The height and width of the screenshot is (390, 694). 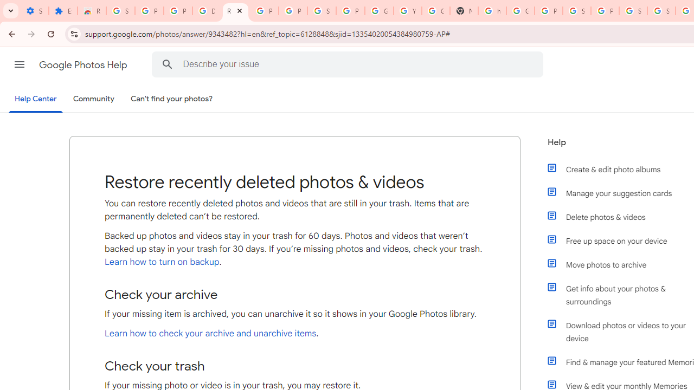 What do you see at coordinates (464, 11) in the screenshot?
I see `'New Tab'` at bounding box center [464, 11].